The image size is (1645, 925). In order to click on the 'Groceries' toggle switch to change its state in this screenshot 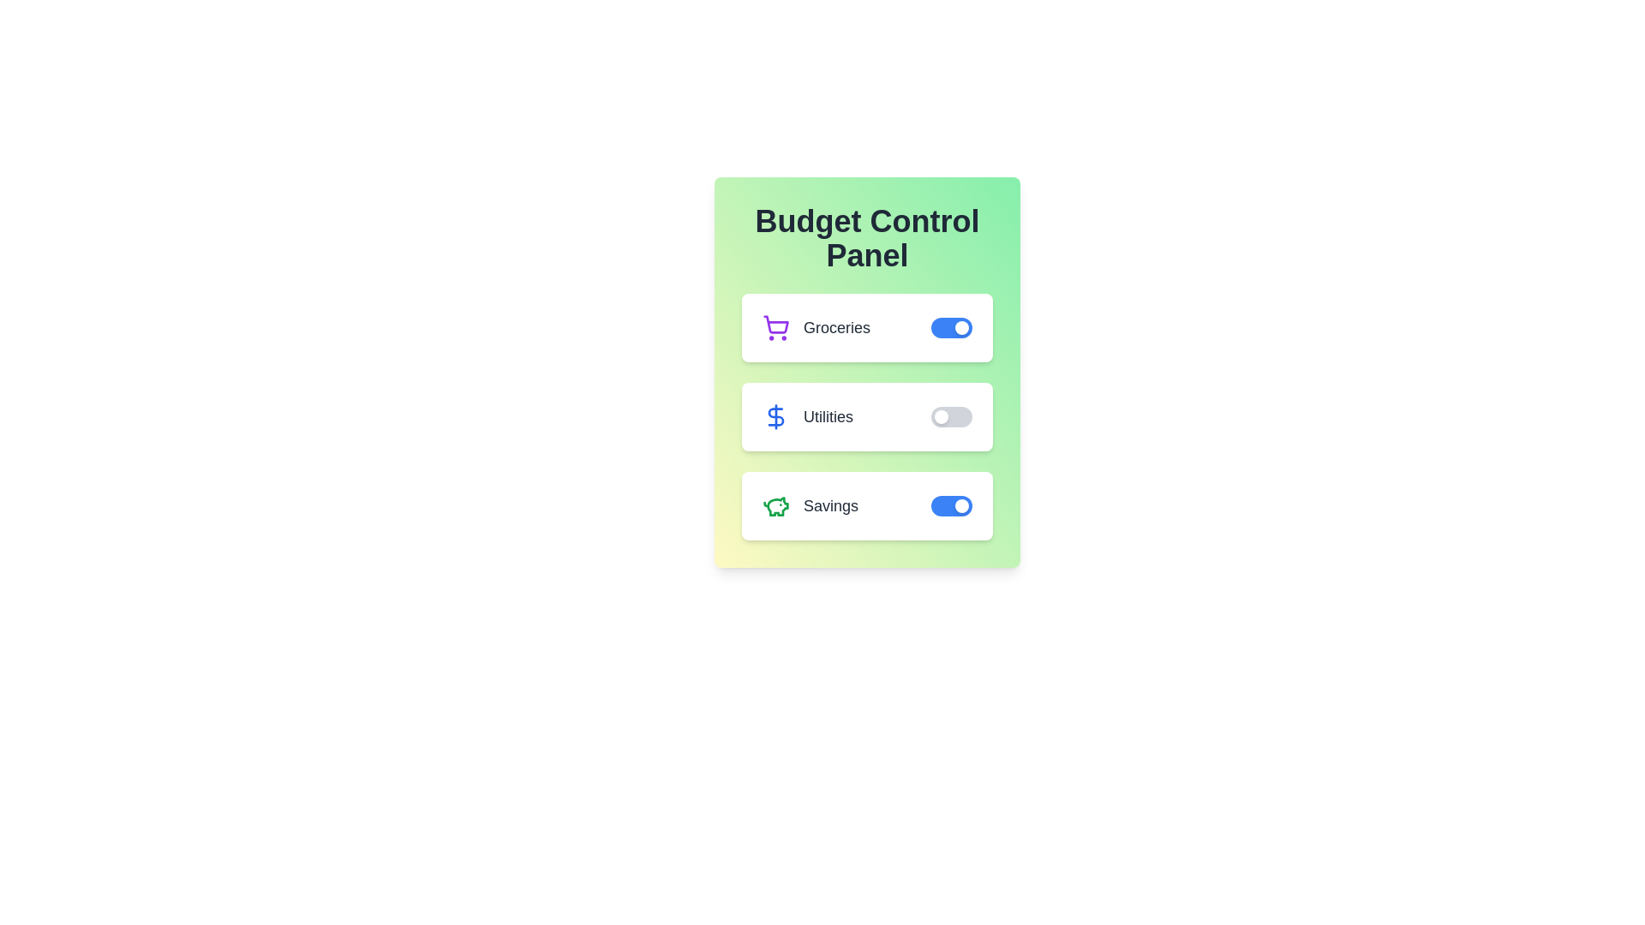, I will do `click(950, 327)`.